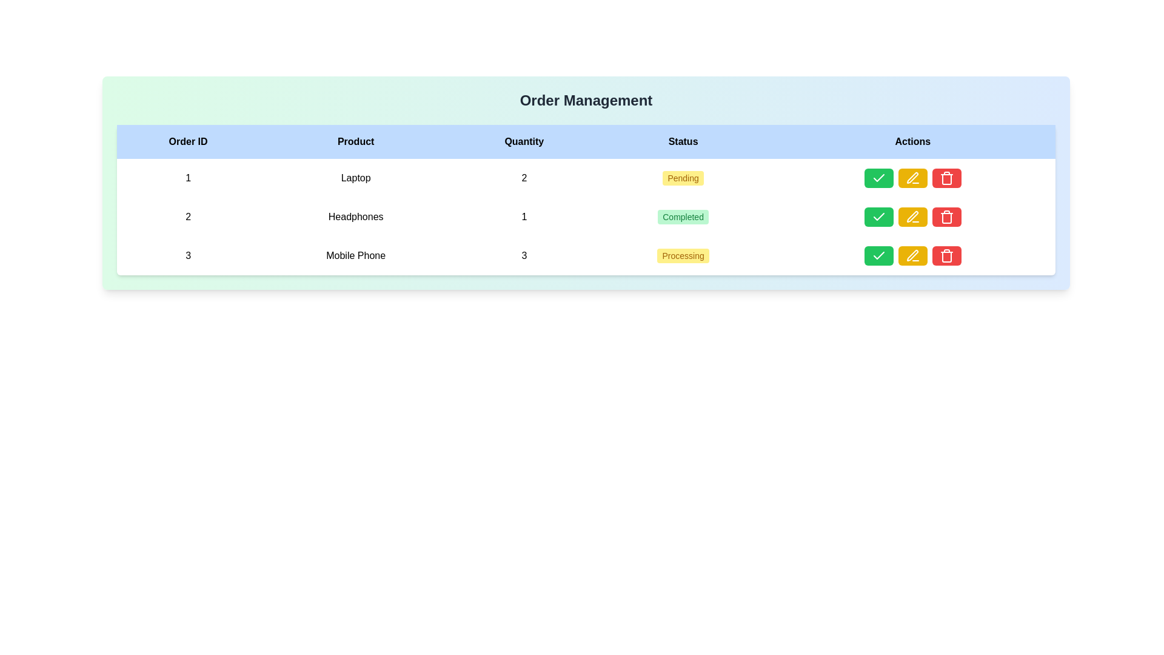  I want to click on the green button with a white check mark symbol located in the Actions column of the first row of the table, which is the first button among three in that cell, so click(878, 178).